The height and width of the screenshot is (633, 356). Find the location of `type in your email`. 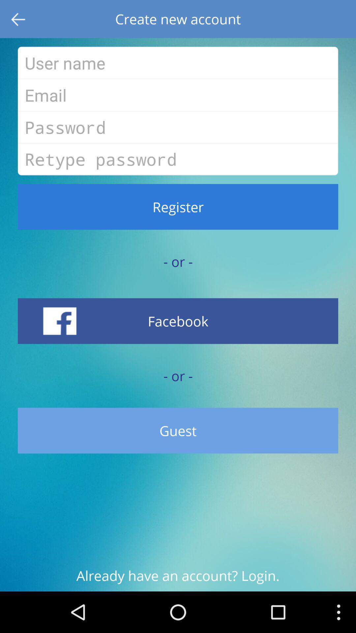

type in your email is located at coordinates (178, 95).